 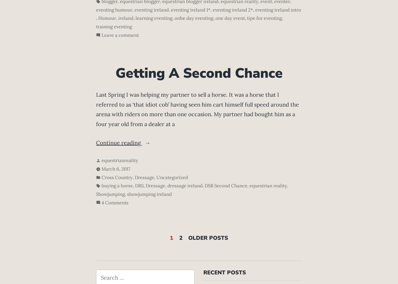 I want to click on 'ireland', so click(x=118, y=18).